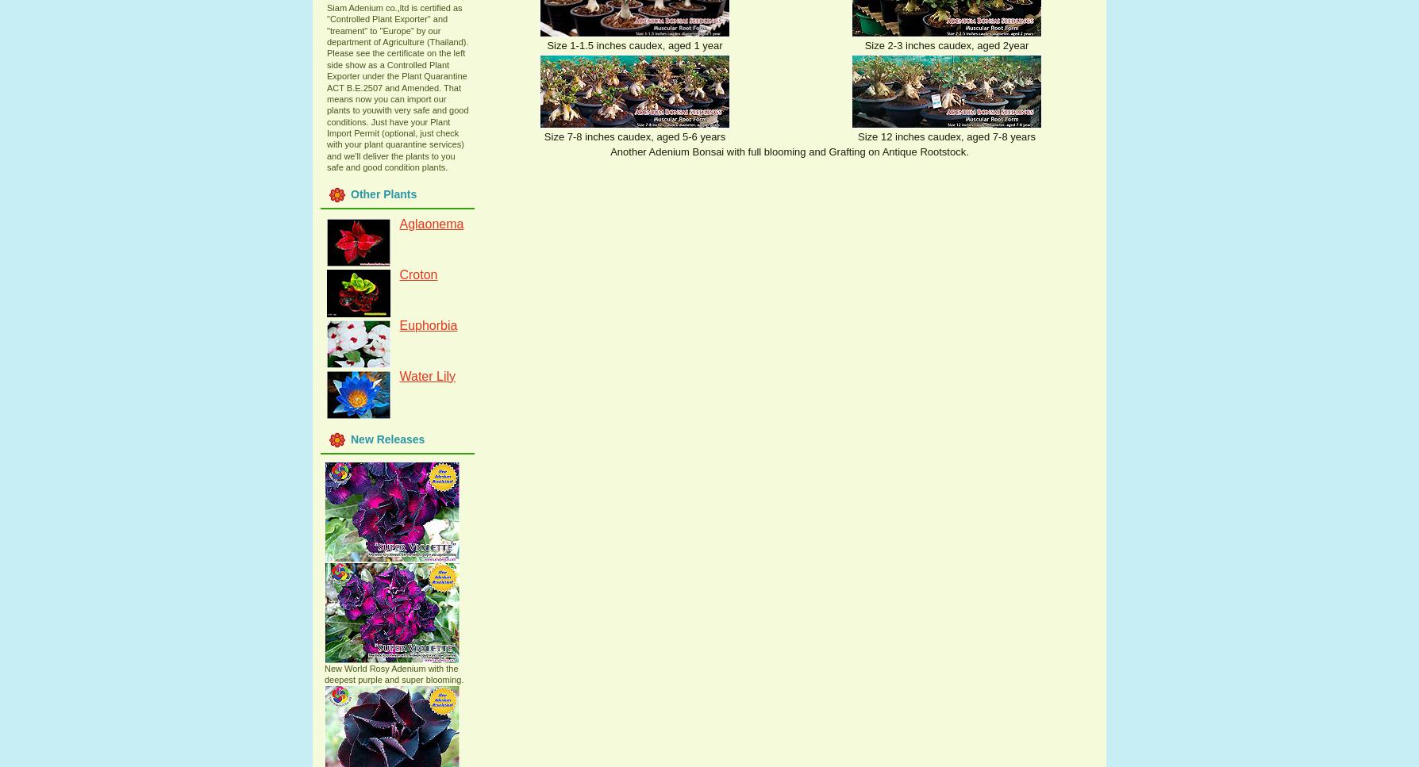 The width and height of the screenshot is (1419, 767). Describe the element at coordinates (417, 273) in the screenshot. I see `'Croton'` at that location.